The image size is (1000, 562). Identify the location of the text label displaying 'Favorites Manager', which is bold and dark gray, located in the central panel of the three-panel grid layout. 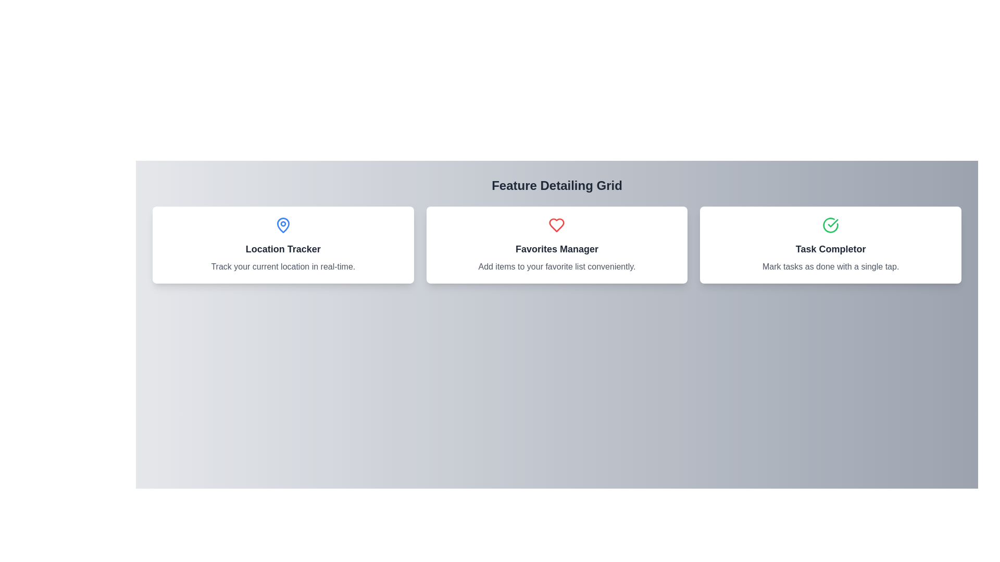
(556, 249).